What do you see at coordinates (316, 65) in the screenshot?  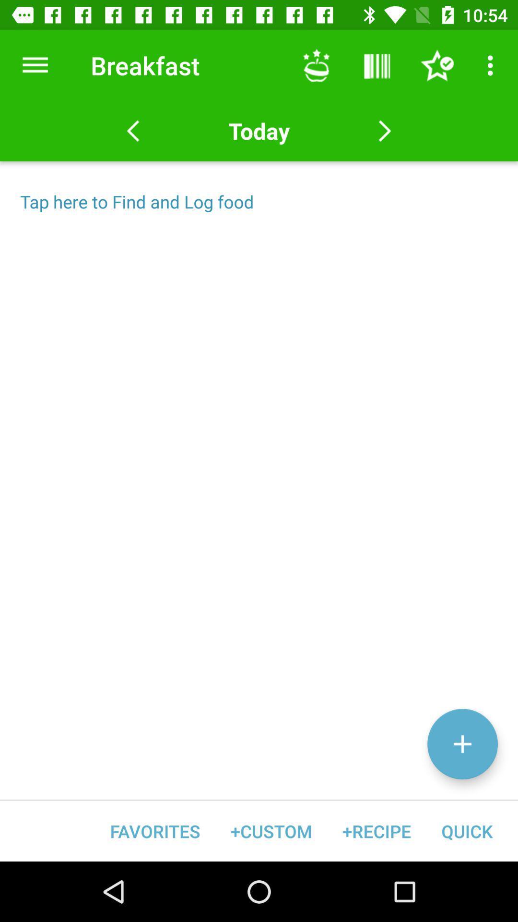 I see `the item next to breakfast item` at bounding box center [316, 65].